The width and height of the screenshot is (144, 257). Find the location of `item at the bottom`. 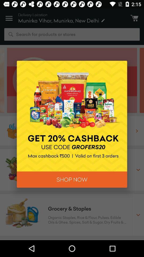

item at the bottom is located at coordinates (72, 179).